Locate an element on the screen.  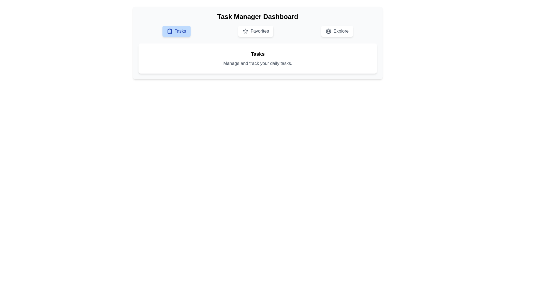
the Favorites tab is located at coordinates (256, 31).